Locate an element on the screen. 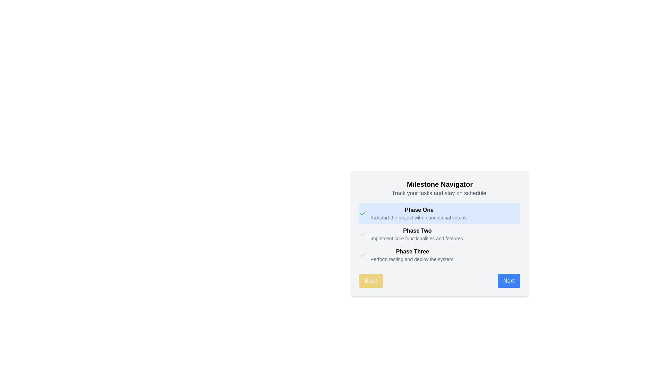 The width and height of the screenshot is (666, 375). text label that serves as the title for the 'Milestone Navigator' feature, located at the center of the dialog box is located at coordinates (439, 184).